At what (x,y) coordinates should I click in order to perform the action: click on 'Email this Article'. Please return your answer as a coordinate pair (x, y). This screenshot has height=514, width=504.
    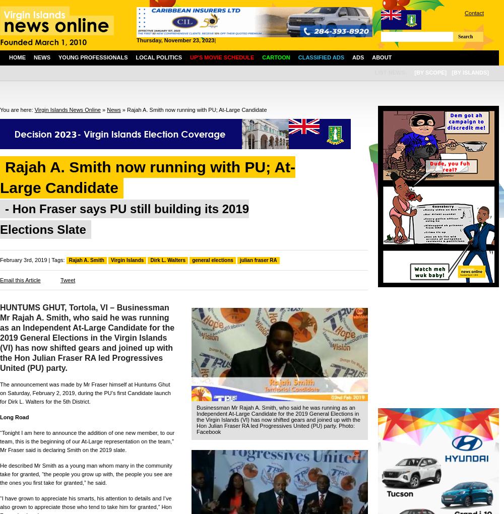
    Looking at the image, I should click on (20, 280).